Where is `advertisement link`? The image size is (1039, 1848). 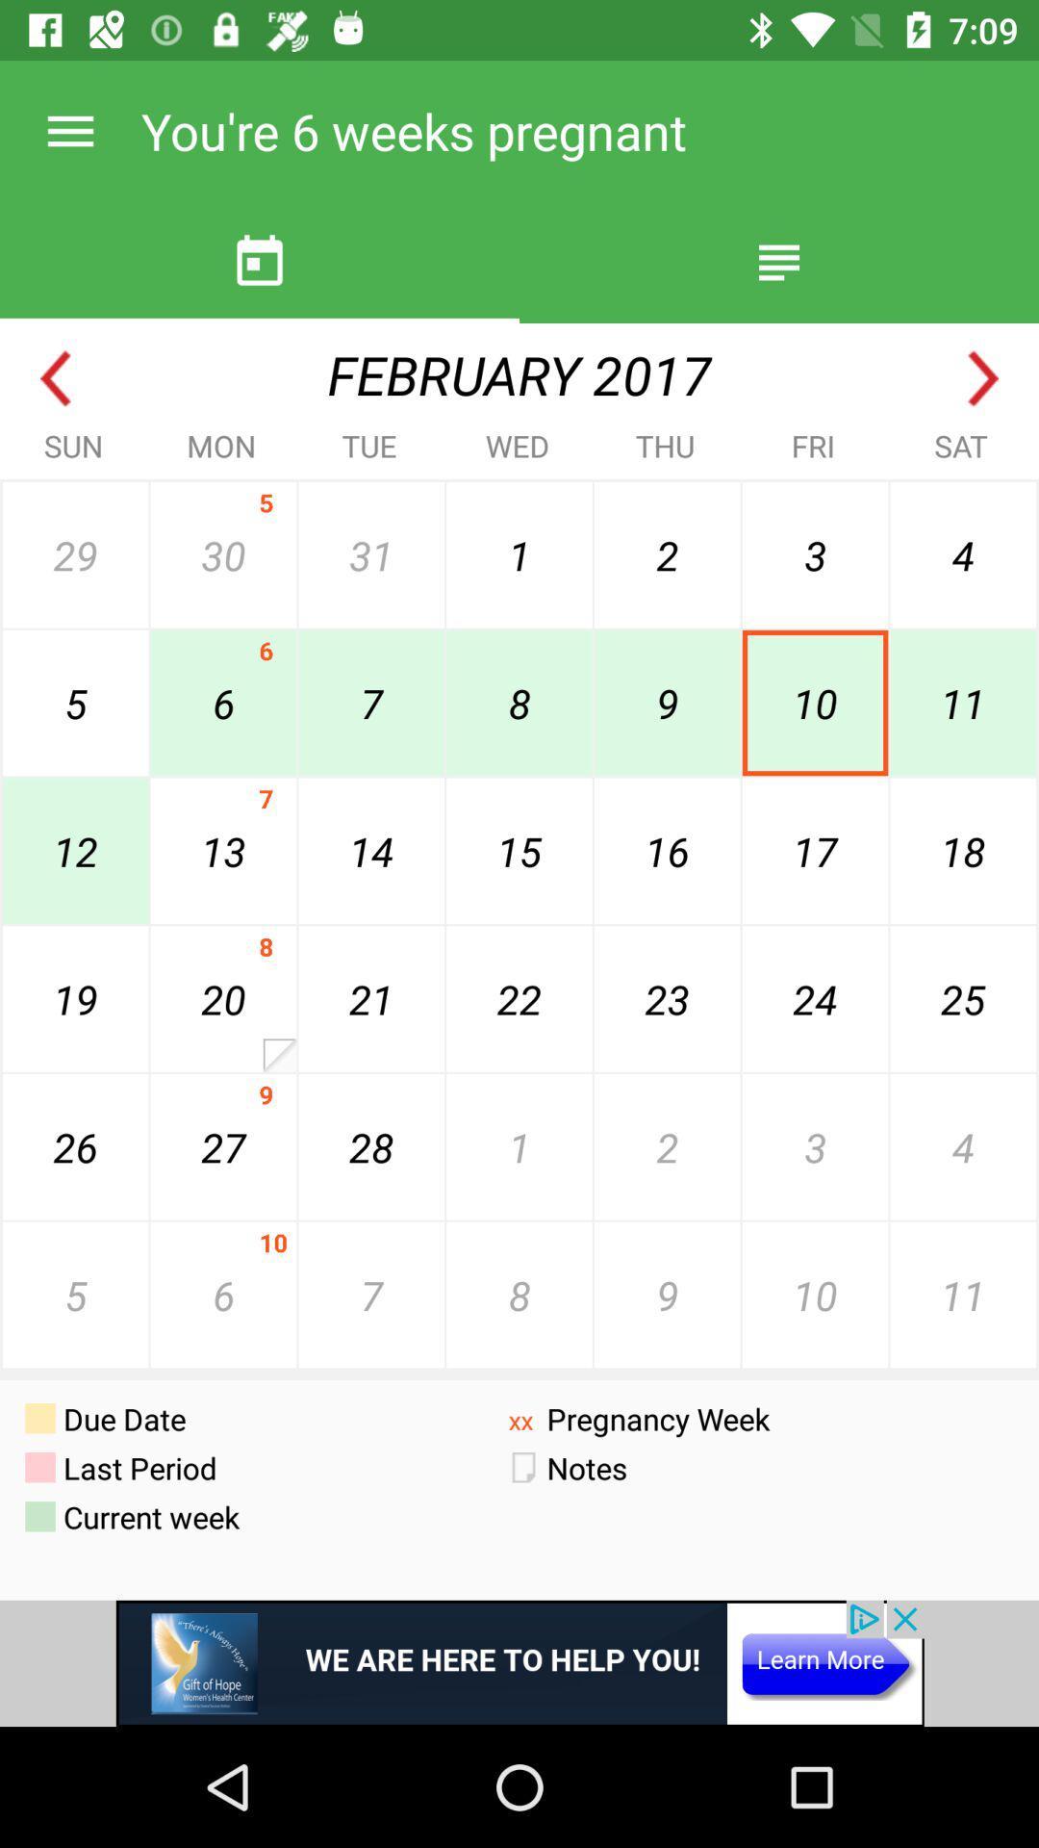
advertisement link is located at coordinates (519, 1662).